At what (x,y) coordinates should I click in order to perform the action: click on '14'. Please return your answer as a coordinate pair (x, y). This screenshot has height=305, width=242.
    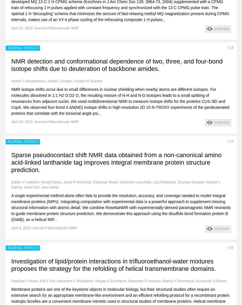
    Looking at the image, I should click on (231, 141).